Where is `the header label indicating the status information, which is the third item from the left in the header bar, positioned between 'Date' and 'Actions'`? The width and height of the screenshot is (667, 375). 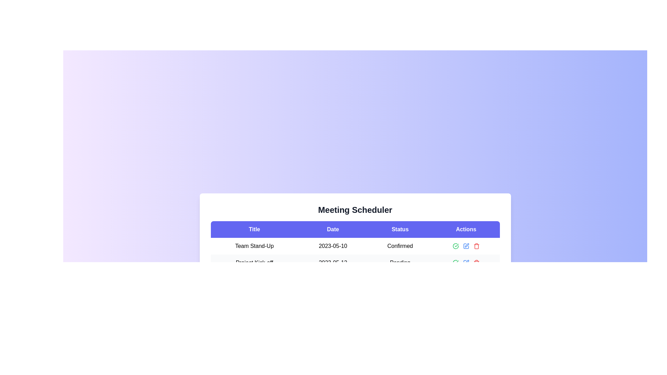
the header label indicating the status information, which is the third item from the left in the header bar, positioned between 'Date' and 'Actions' is located at coordinates (400, 229).